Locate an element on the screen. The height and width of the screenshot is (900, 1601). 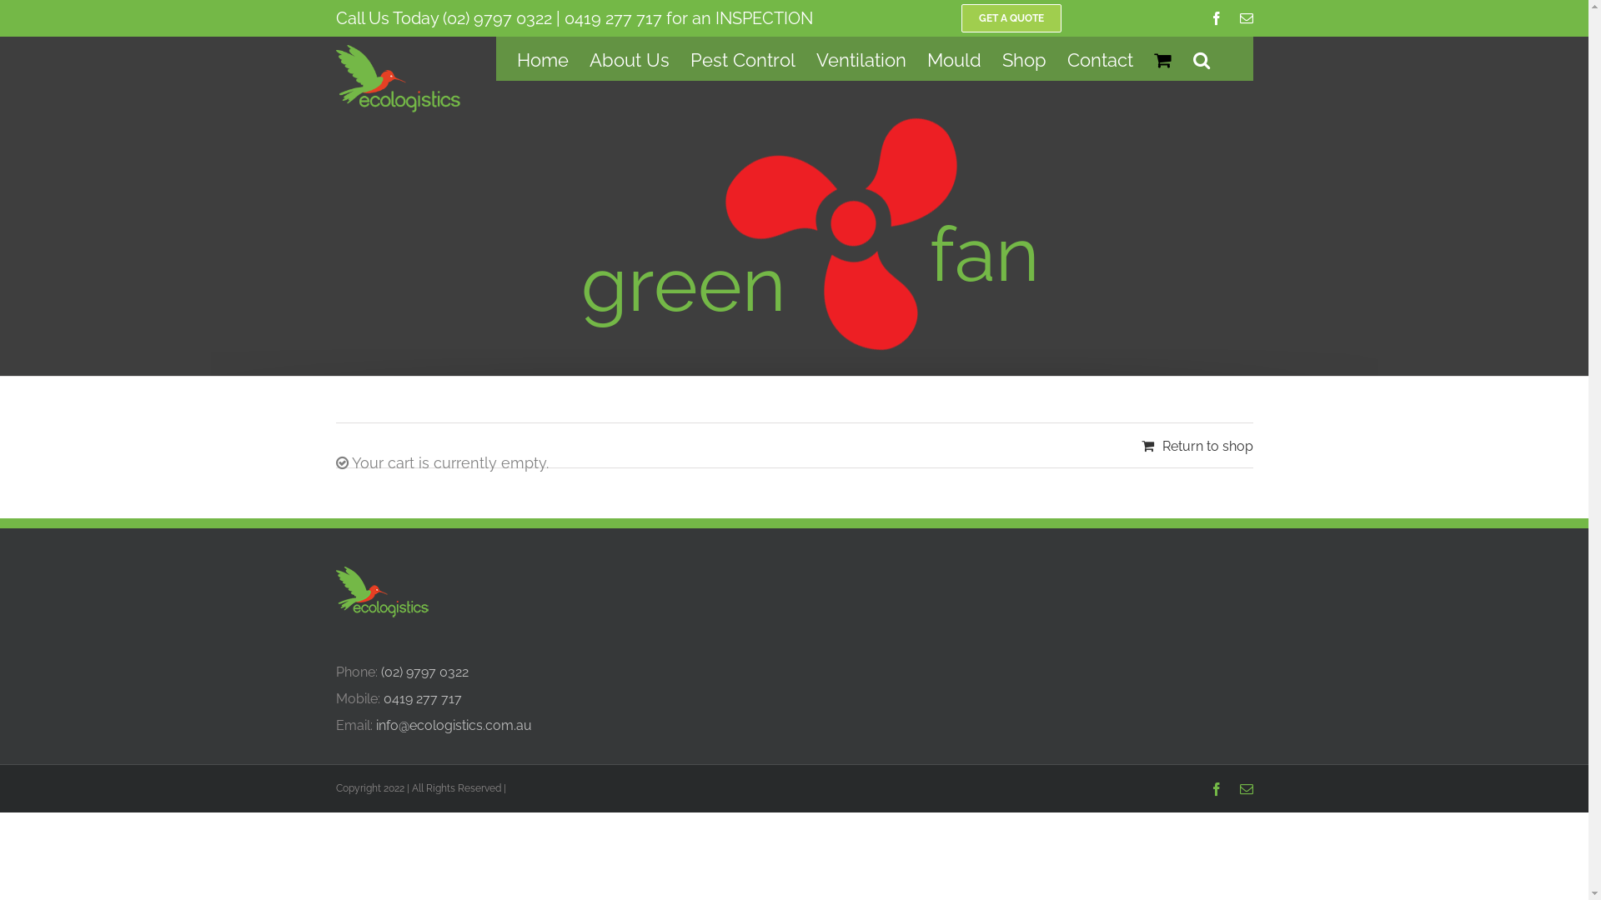
'Return to shop' is located at coordinates (1140, 445).